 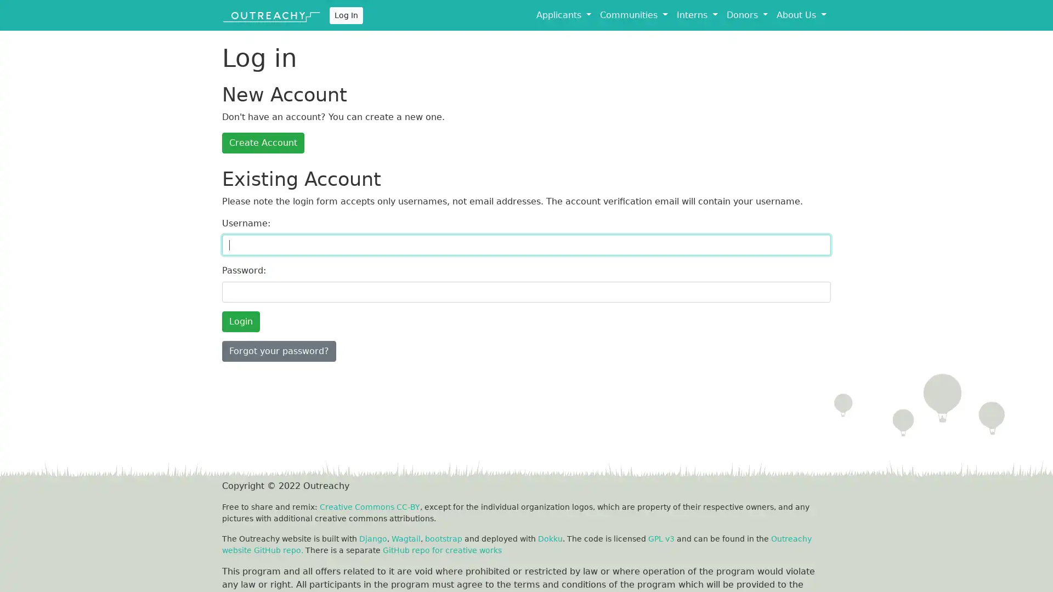 I want to click on Log In, so click(x=346, y=15).